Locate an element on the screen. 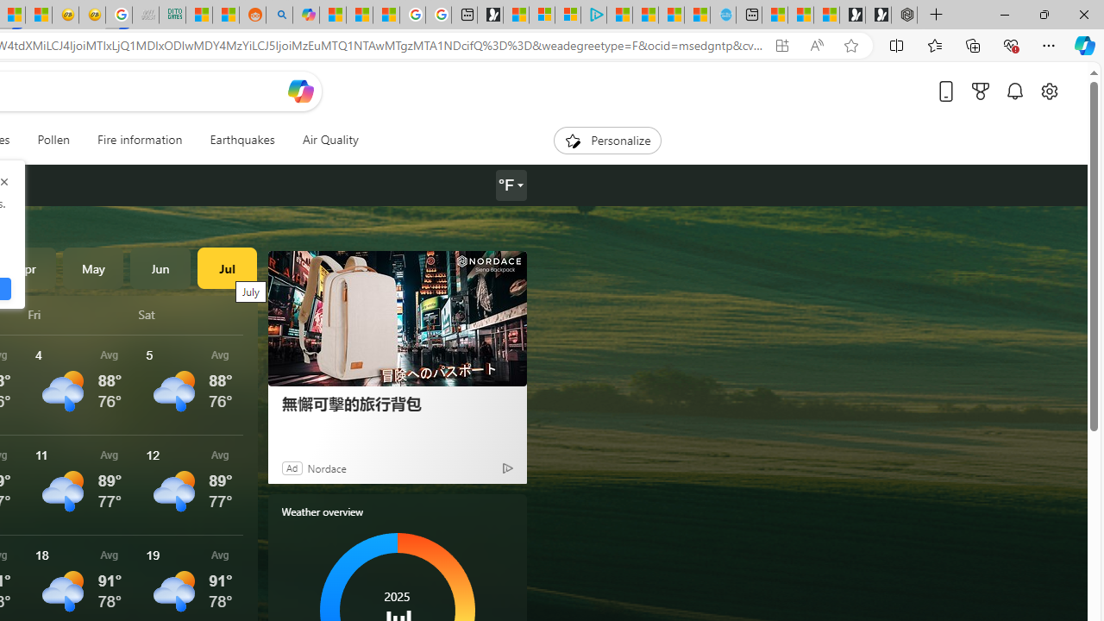 This screenshot has height=621, width=1104. 'May' is located at coordinates (92, 268).